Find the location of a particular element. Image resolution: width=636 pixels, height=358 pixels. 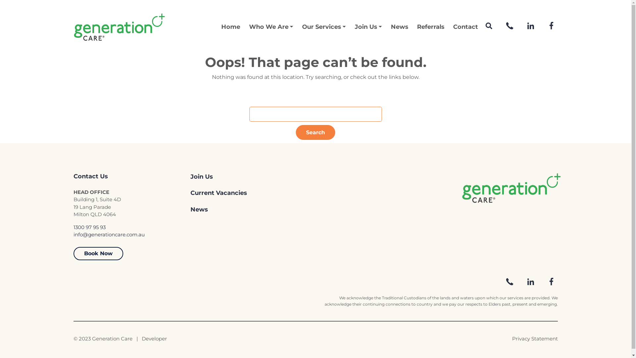

'Search' is located at coordinates (315, 132).